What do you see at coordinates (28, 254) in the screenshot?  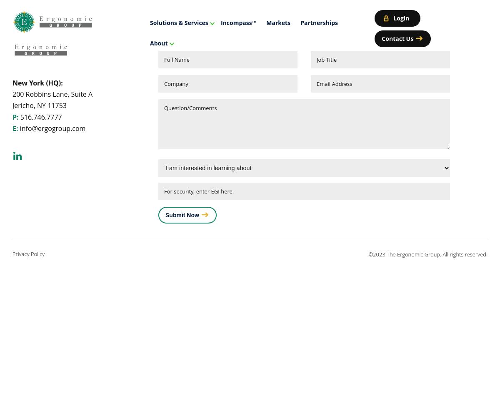 I see `'Privacy Policy'` at bounding box center [28, 254].